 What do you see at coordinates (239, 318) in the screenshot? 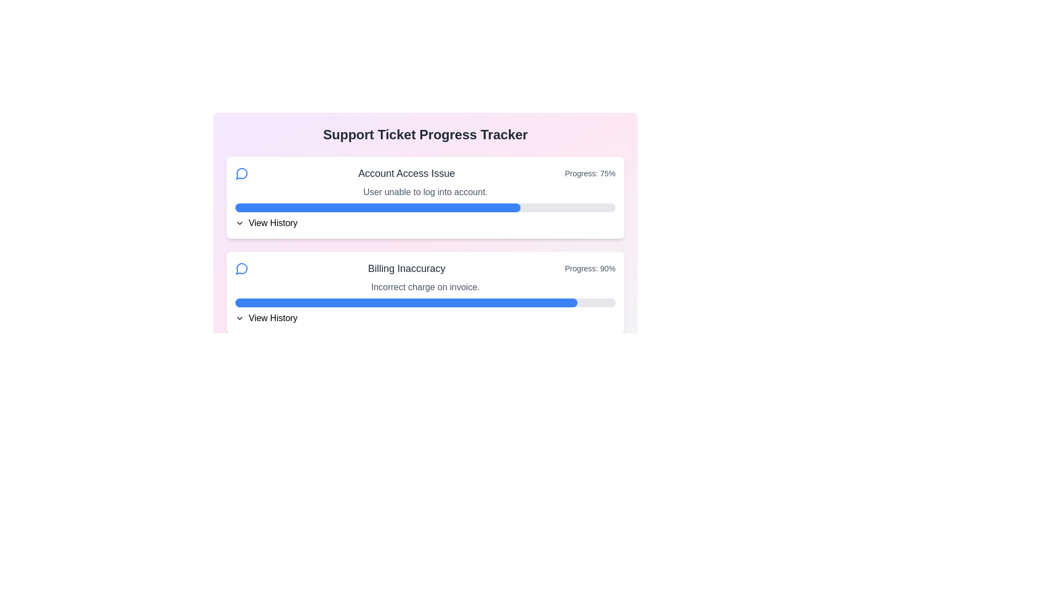
I see `the downward chevron-shaped icon located to the left of the 'View History' text within the 'Billing Inaccuracy' ticket item` at bounding box center [239, 318].